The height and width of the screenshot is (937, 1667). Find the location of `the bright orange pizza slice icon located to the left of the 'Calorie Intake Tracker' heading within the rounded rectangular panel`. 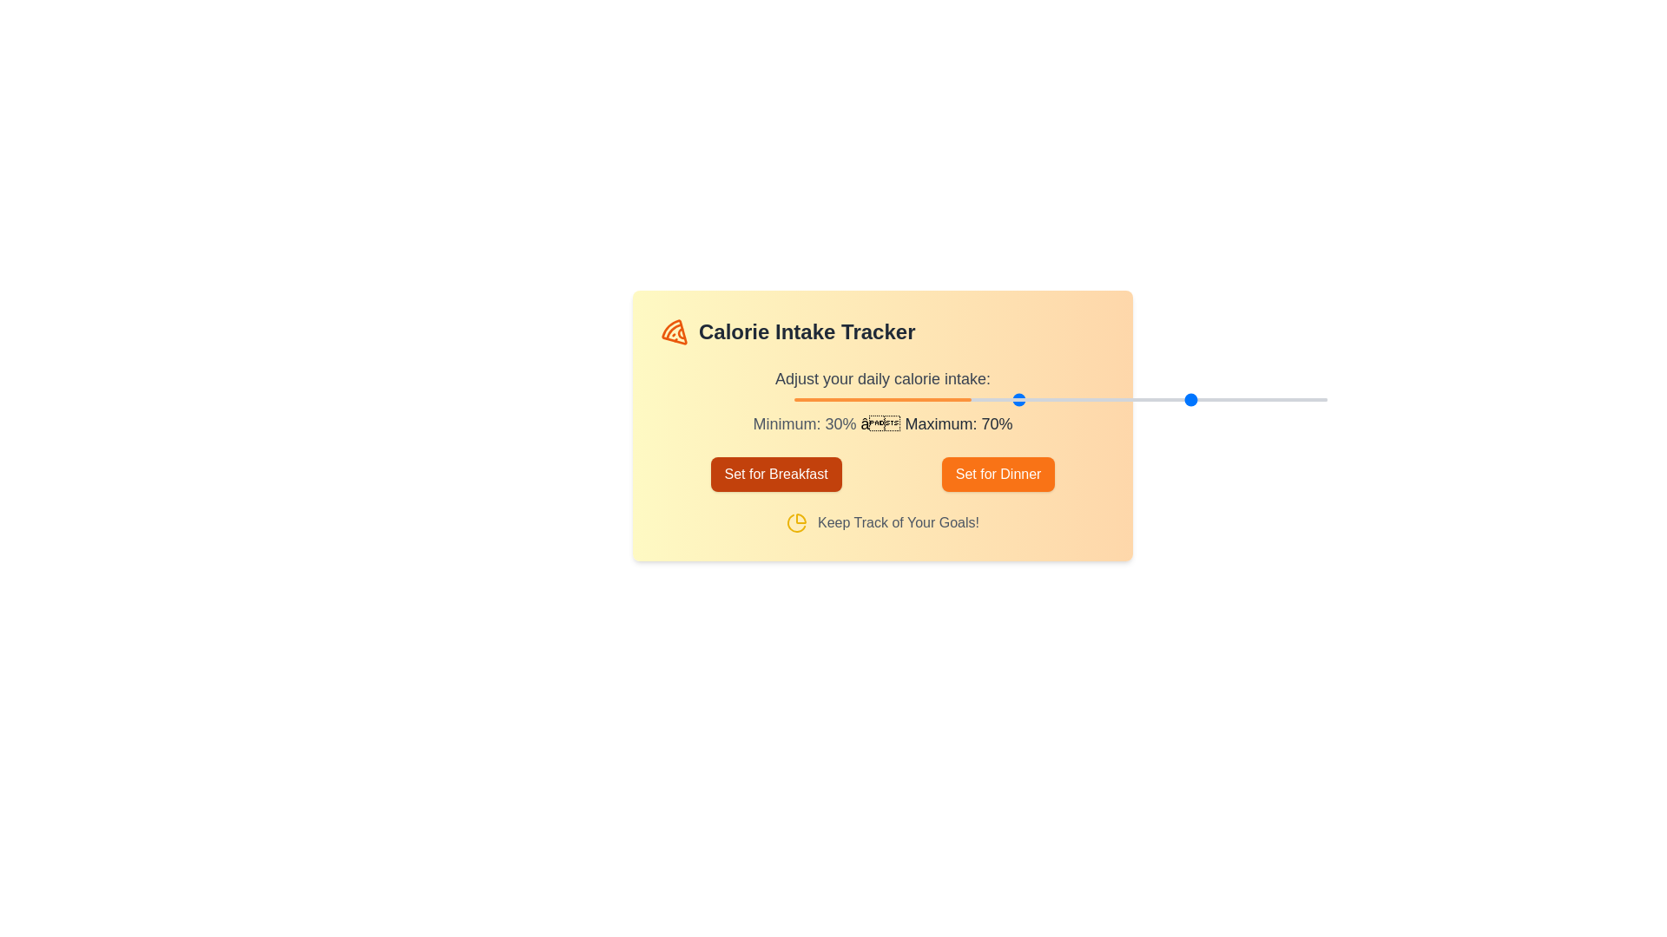

the bright orange pizza slice icon located to the left of the 'Calorie Intake Tracker' heading within the rounded rectangular panel is located at coordinates (681, 333).